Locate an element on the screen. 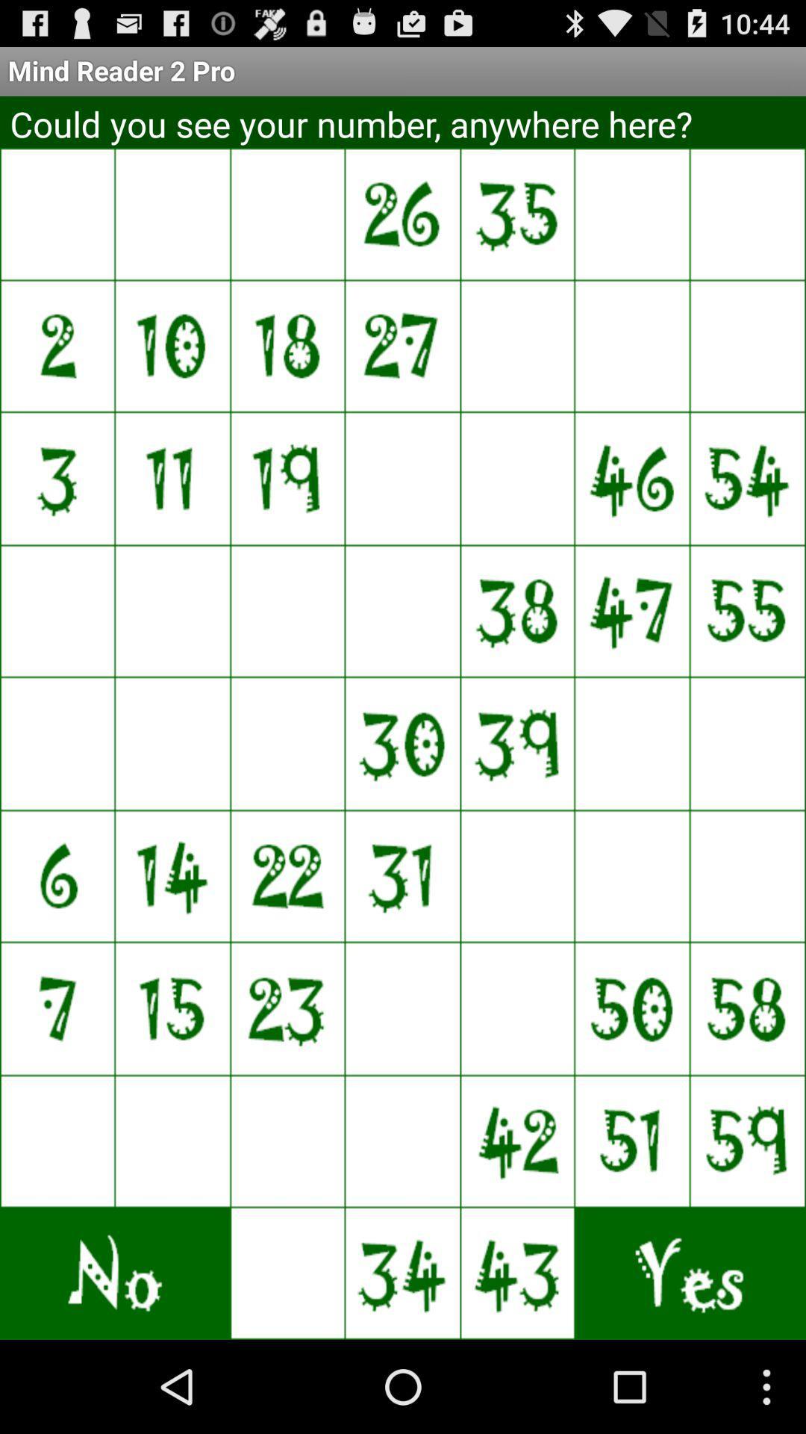  say no is located at coordinates (230, 743).